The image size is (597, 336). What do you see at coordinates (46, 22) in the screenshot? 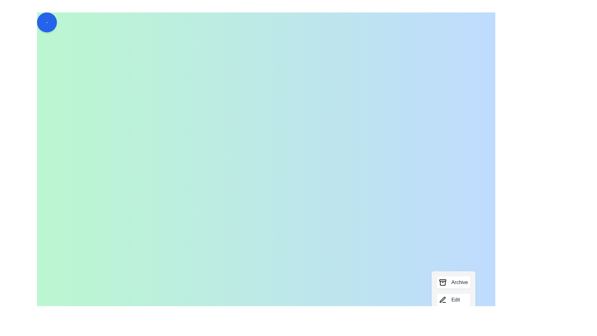
I see `the button located at the top-left corner of the interface, characterized by a hyphen symbol` at bounding box center [46, 22].